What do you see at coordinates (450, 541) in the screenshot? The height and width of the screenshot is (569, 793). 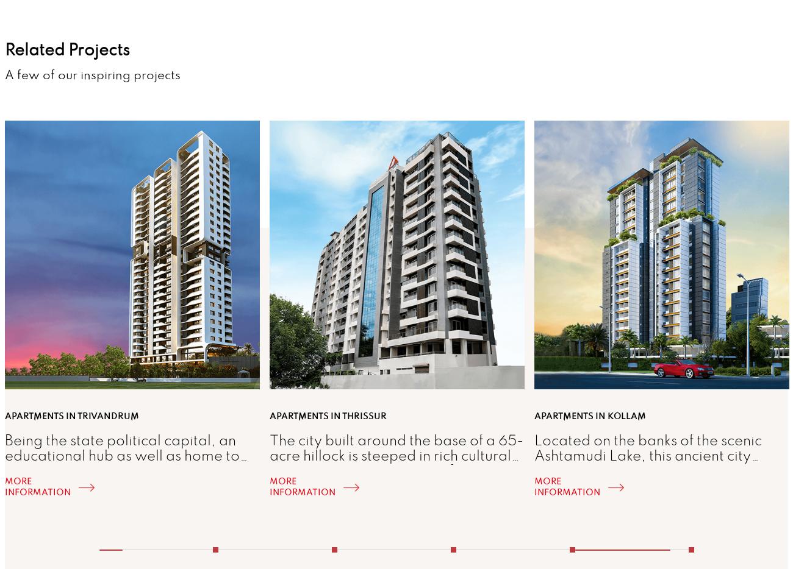 I see `'3'` at bounding box center [450, 541].